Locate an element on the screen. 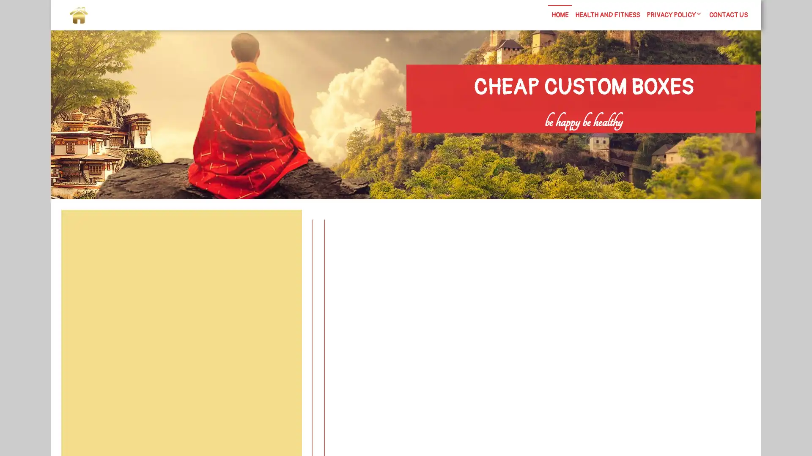 This screenshot has height=456, width=812. Search is located at coordinates (658, 138).